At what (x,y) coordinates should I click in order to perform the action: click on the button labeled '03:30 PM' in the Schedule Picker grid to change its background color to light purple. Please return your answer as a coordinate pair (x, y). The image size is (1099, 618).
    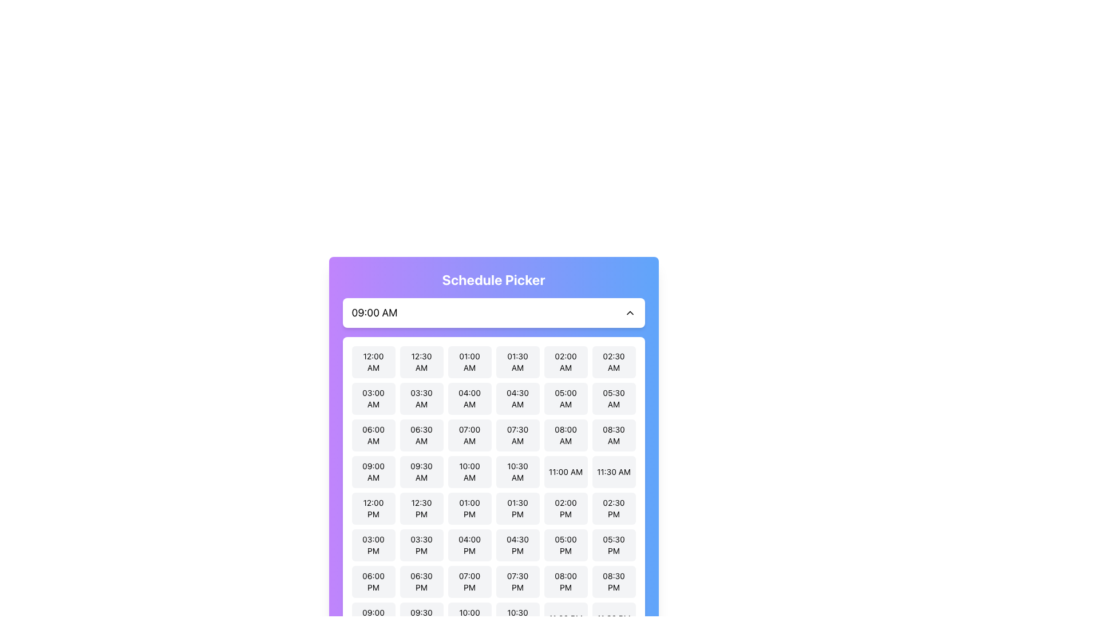
    Looking at the image, I should click on (421, 544).